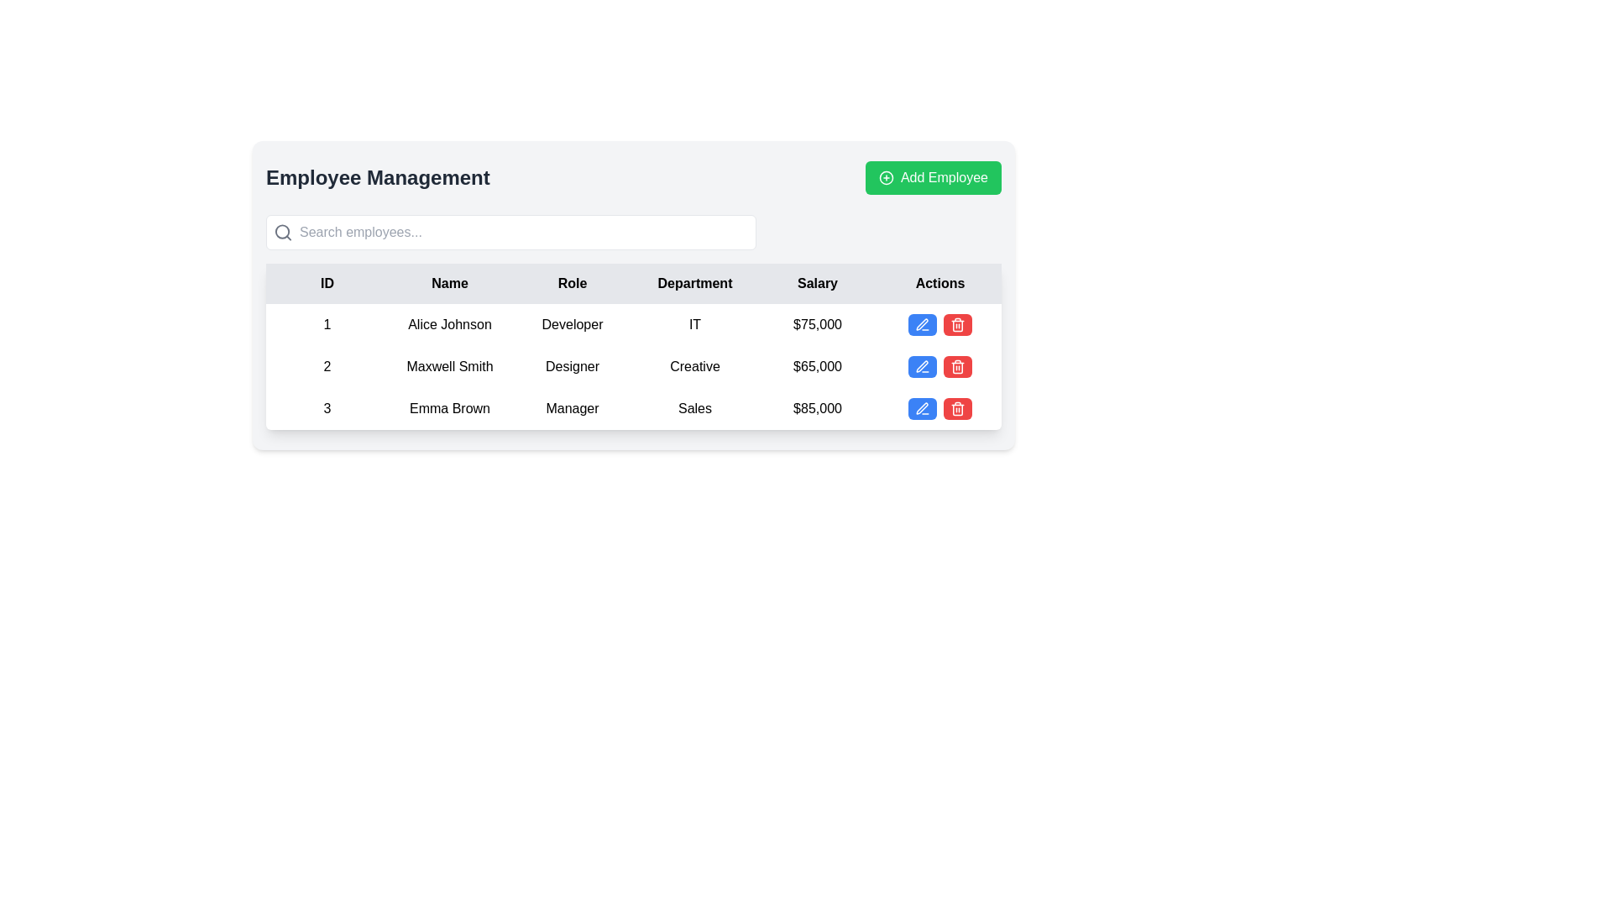 The width and height of the screenshot is (1612, 907). What do you see at coordinates (958, 324) in the screenshot?
I see `the trash bin icon with a red background in the 'Actions' column of the third row, which corresponds to 'Emma Brown'` at bounding box center [958, 324].